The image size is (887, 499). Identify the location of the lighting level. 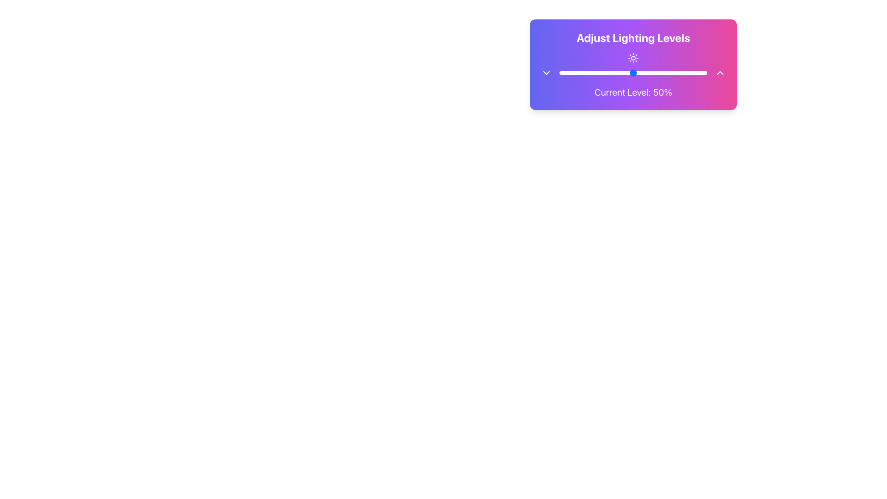
(598, 73).